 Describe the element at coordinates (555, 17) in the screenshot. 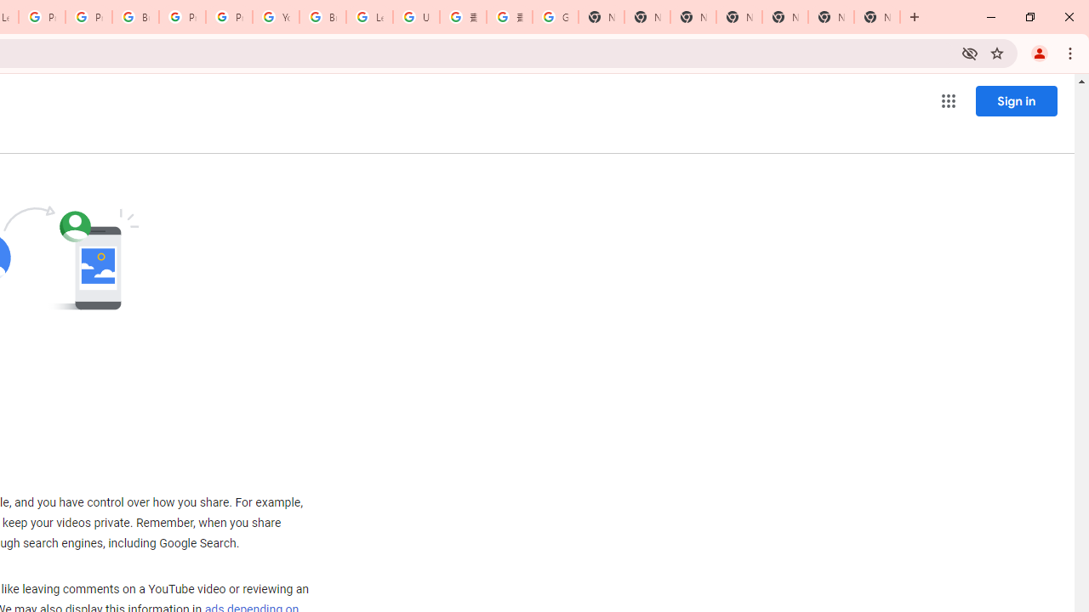

I see `'Google Images'` at that location.